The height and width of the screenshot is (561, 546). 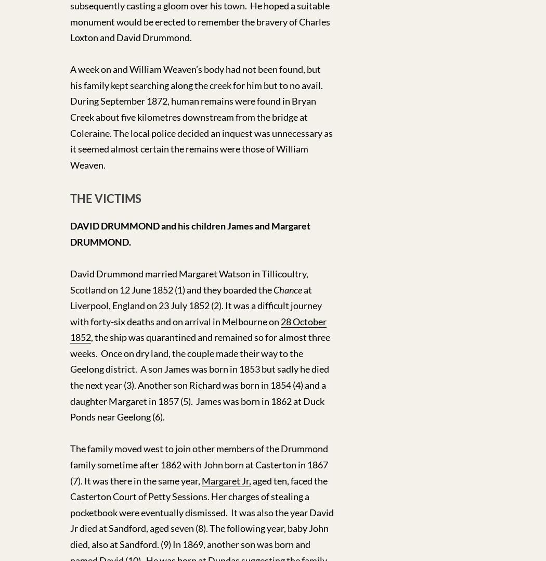 I want to click on 'Margaret Jr,', so click(x=226, y=480).